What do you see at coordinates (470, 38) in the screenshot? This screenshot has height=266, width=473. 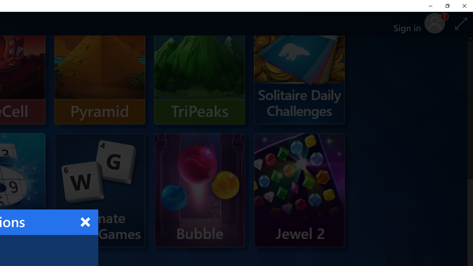 I see `'AutomationID: up_arrow_0'` at bounding box center [470, 38].